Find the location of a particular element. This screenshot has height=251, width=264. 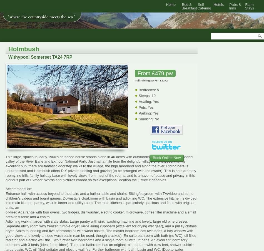

'Book Online Now' is located at coordinates (153, 157).